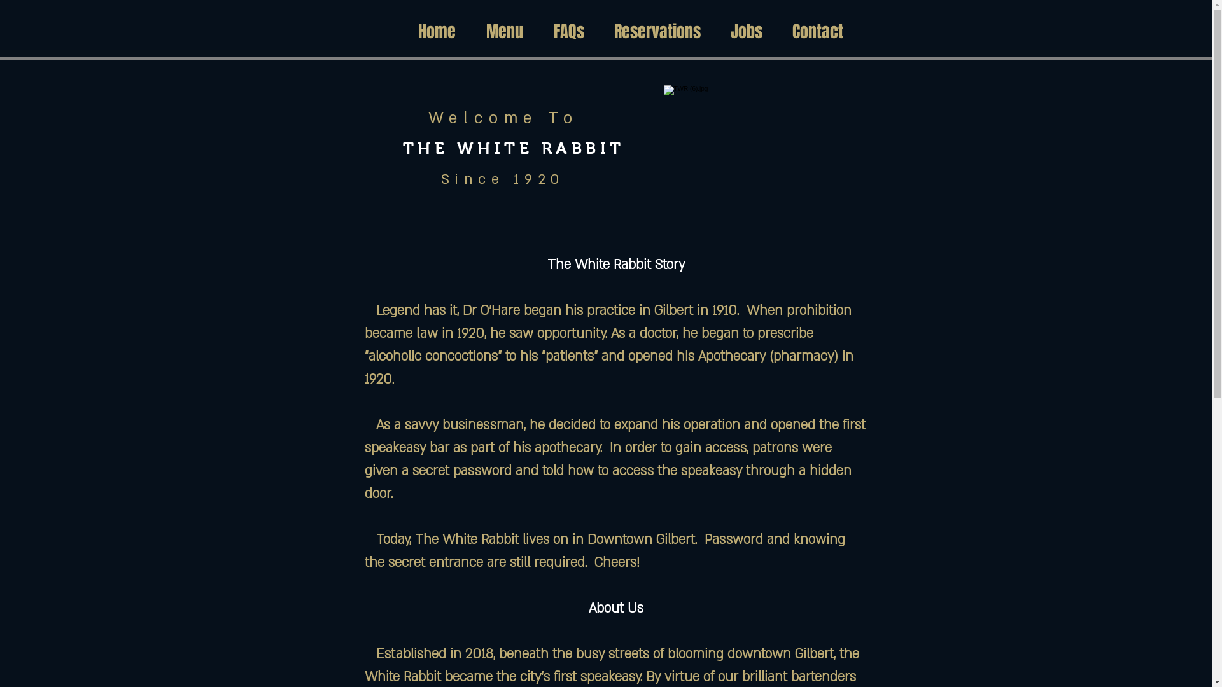 This screenshot has width=1222, height=687. What do you see at coordinates (746, 31) in the screenshot?
I see `'Jobs'` at bounding box center [746, 31].